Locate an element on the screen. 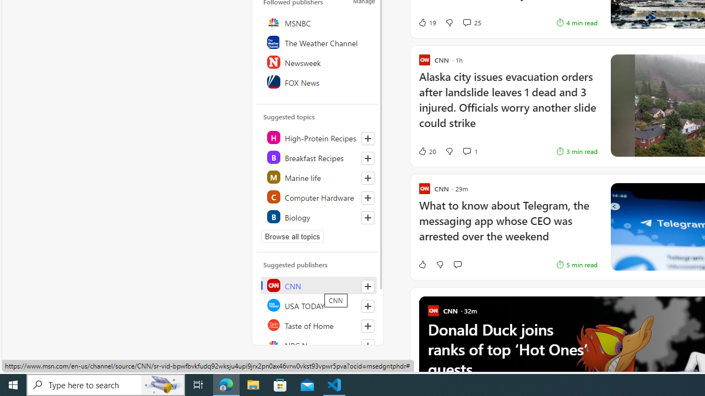 The width and height of the screenshot is (705, 396). 'View comments 25 Comment' is located at coordinates (471, 23).